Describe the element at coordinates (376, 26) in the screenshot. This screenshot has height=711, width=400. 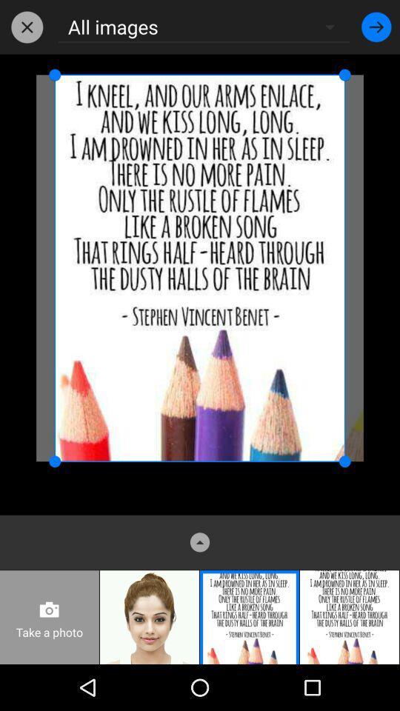
I see `the item next to the all images icon` at that location.